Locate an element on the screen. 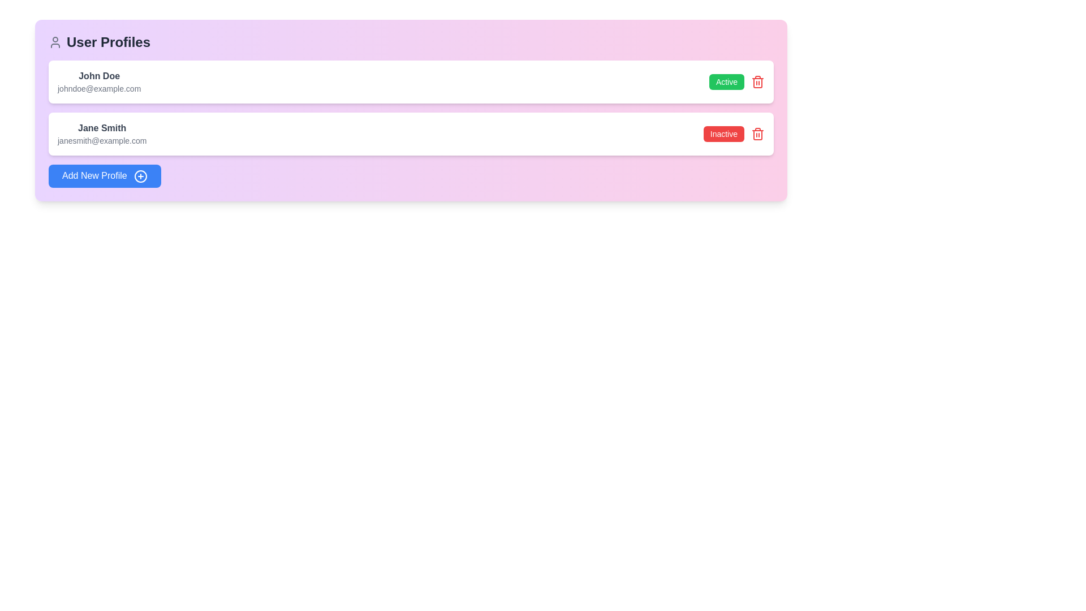 The width and height of the screenshot is (1086, 611). the 'Add New Profile' icon, which is an SVG icon located to the right of the 'Add New Profile' button in the bottom-left corner of the user profile management interface is located at coordinates (140, 176).